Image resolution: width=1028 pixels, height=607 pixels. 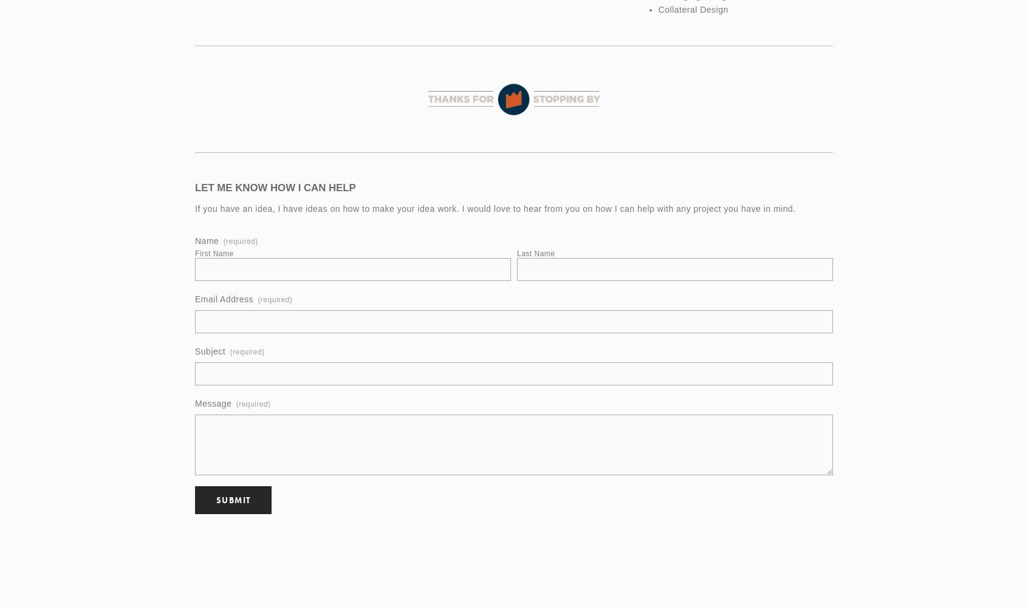 What do you see at coordinates (495, 208) in the screenshot?
I see `'If you have an idea, I have ideas on how to make your idea work. I would love to hear from you on how I can help with any project you have in mind.'` at bounding box center [495, 208].